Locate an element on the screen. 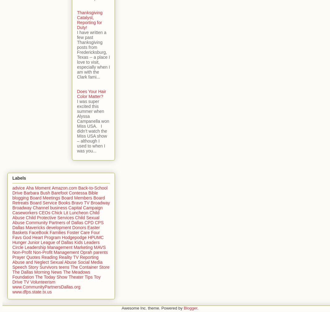 This screenshot has width=330, height=312. 'Quotes' is located at coordinates (33, 257).